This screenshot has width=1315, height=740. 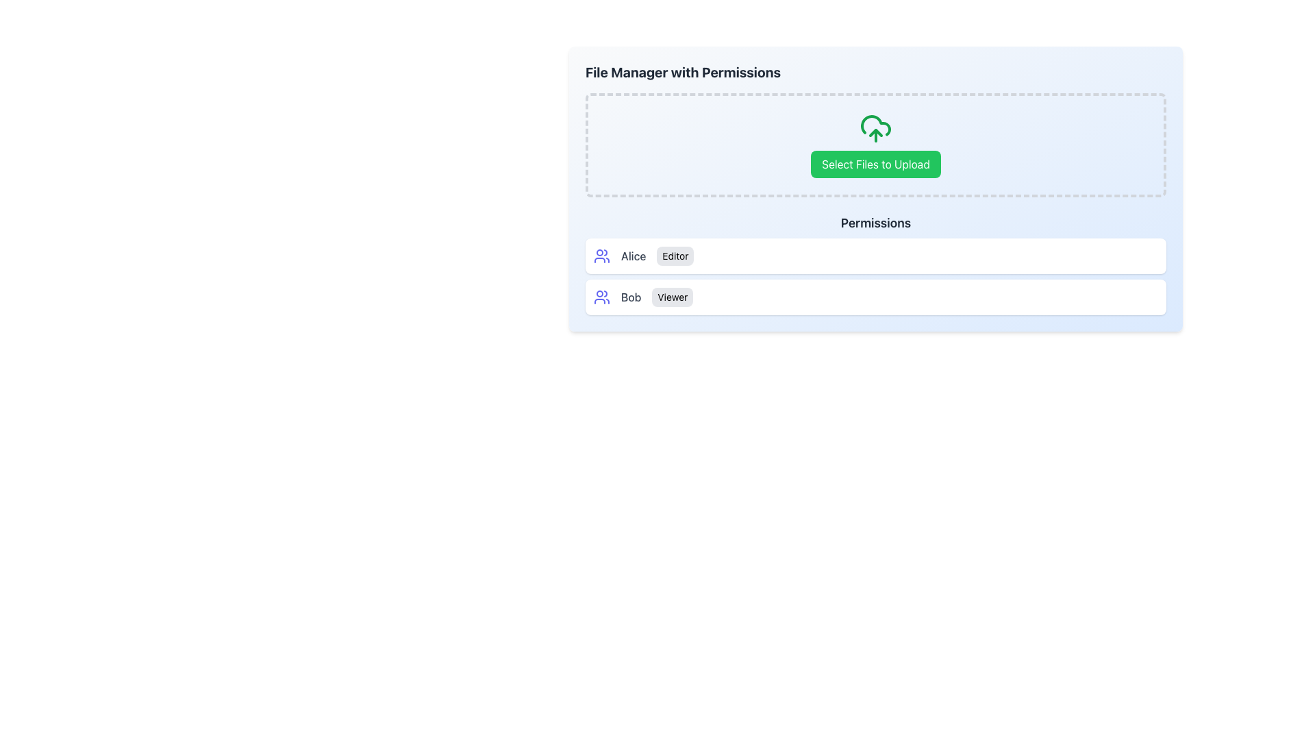 What do you see at coordinates (673, 297) in the screenshot?
I see `the static text label indicating the permission level assigned to user 'Bob', located in the permissions section of the interface to the right of the text label 'Bob'` at bounding box center [673, 297].